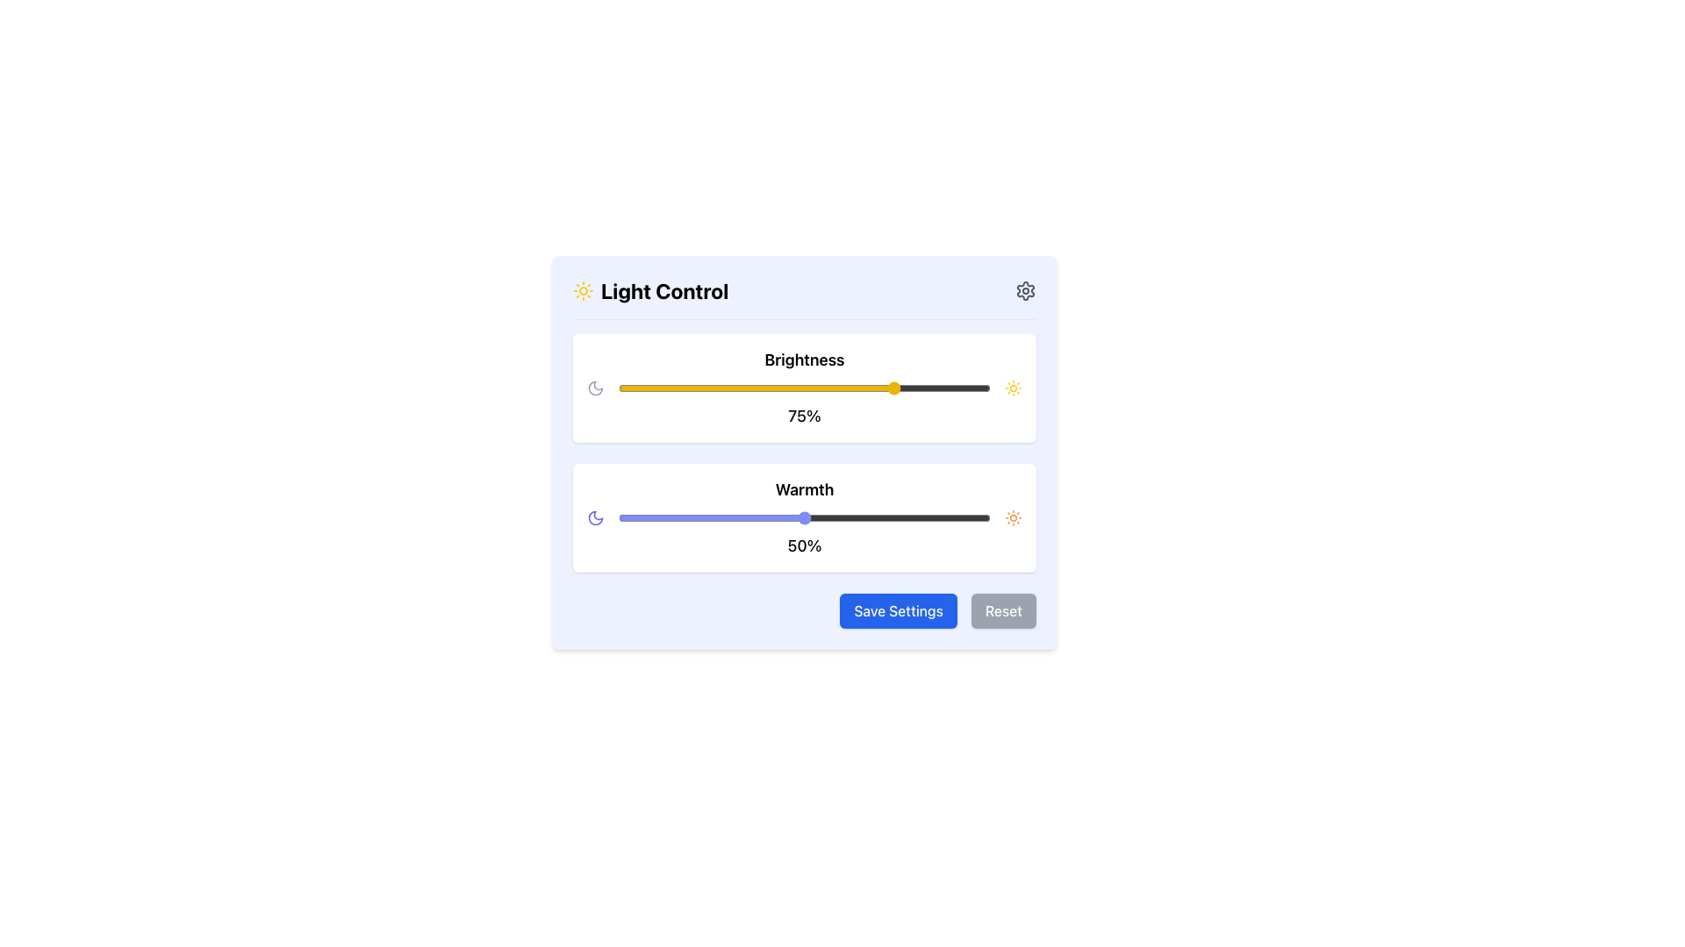  I want to click on warmth, so click(949, 516).